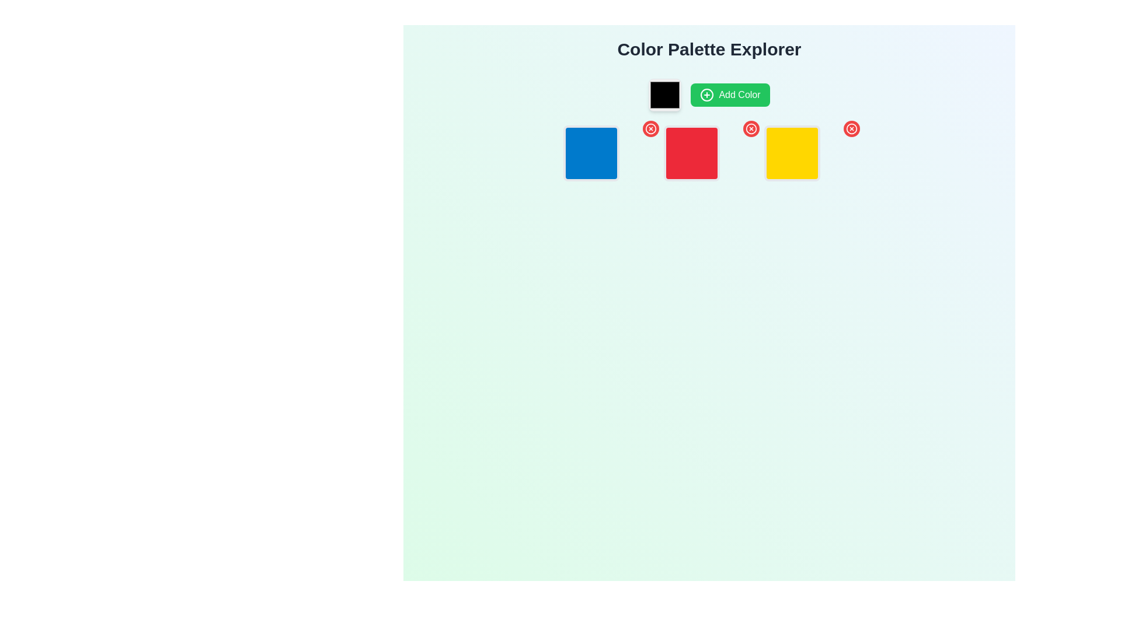  What do you see at coordinates (650, 128) in the screenshot?
I see `the circular red button with a white 'X' icon located in the top-right corner of the red square to change its background color slightly` at bounding box center [650, 128].